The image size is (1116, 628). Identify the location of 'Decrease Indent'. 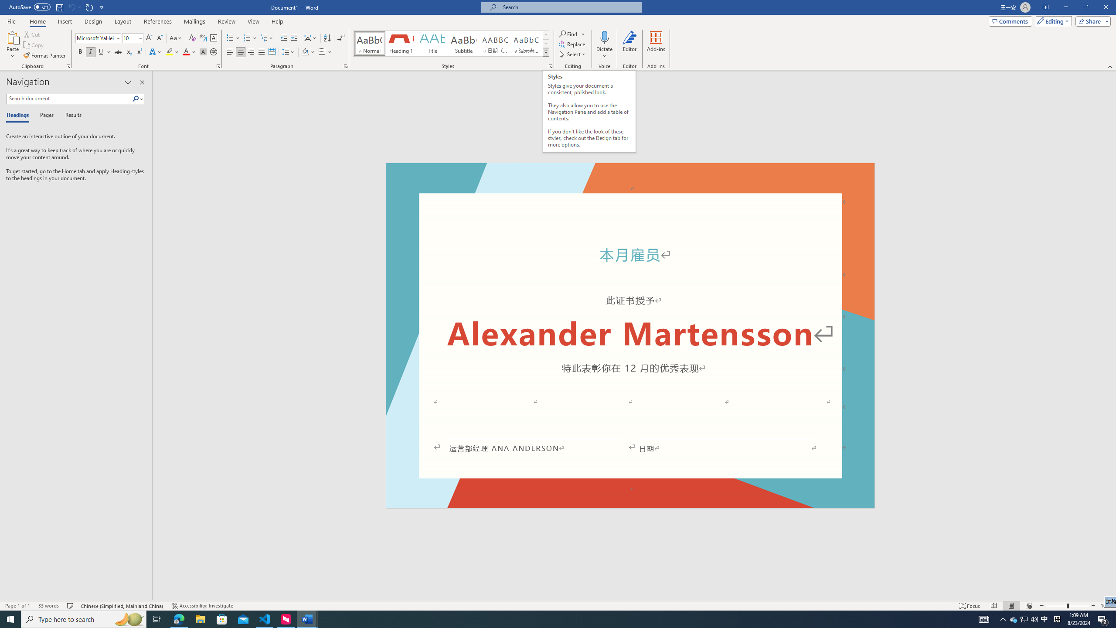
(284, 38).